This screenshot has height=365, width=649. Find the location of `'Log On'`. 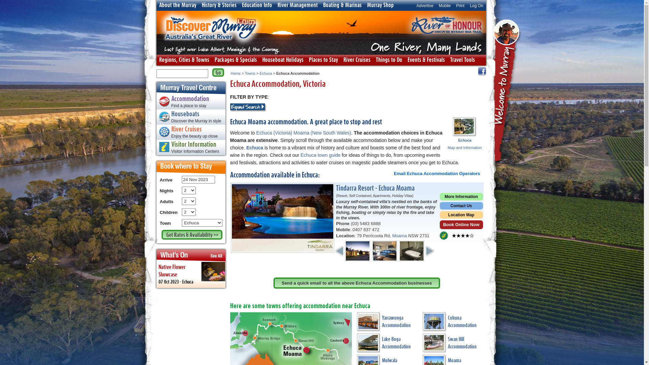

'Log On' is located at coordinates (476, 5).